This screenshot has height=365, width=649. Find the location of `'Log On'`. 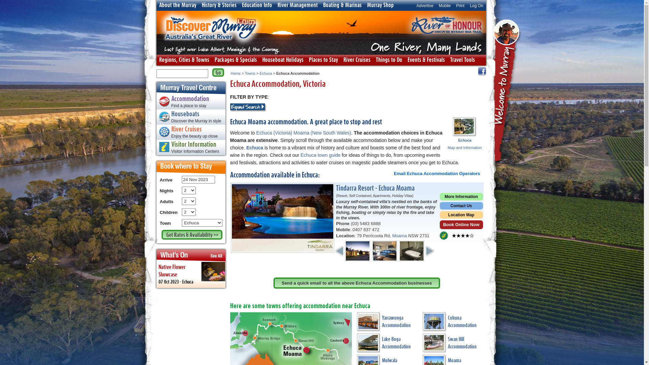

'Log On' is located at coordinates (476, 5).